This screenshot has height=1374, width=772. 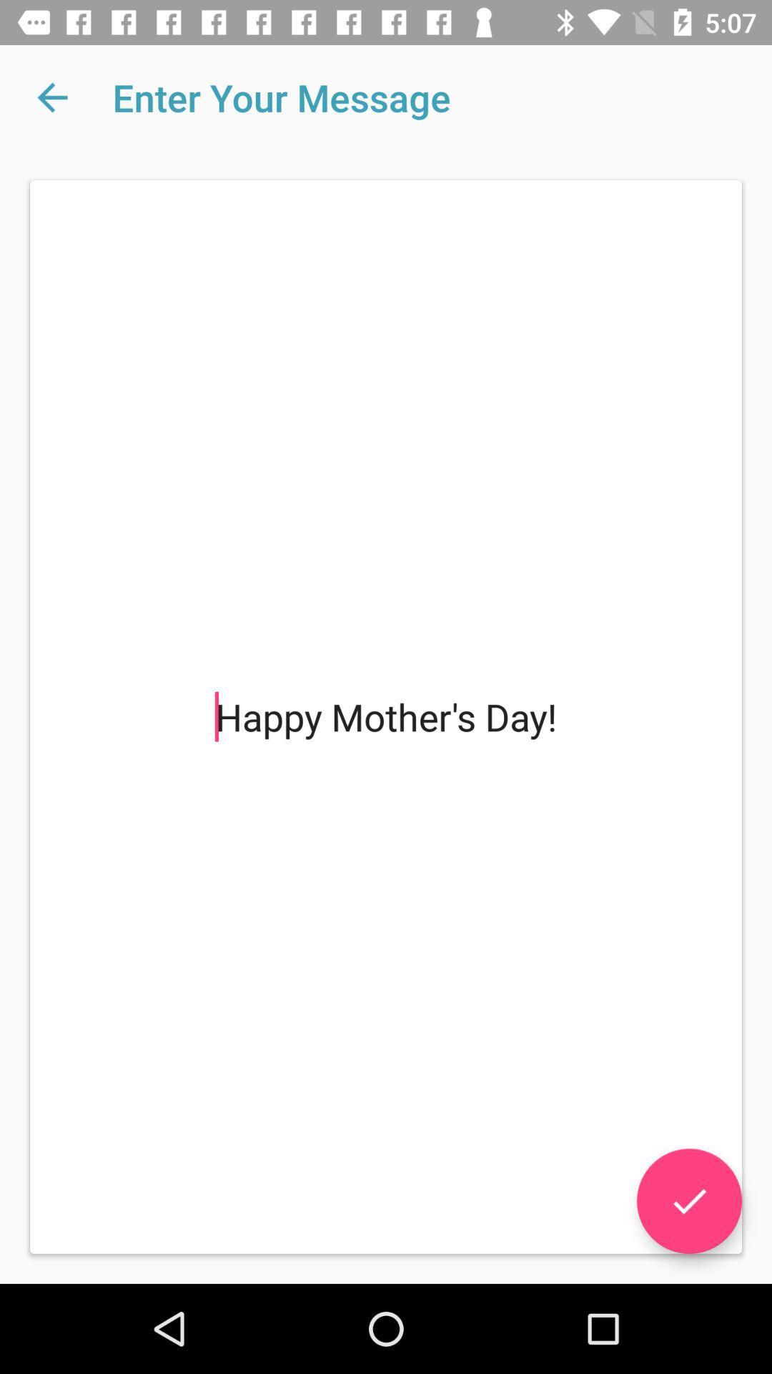 I want to click on the icon at the top left corner, so click(x=51, y=97).